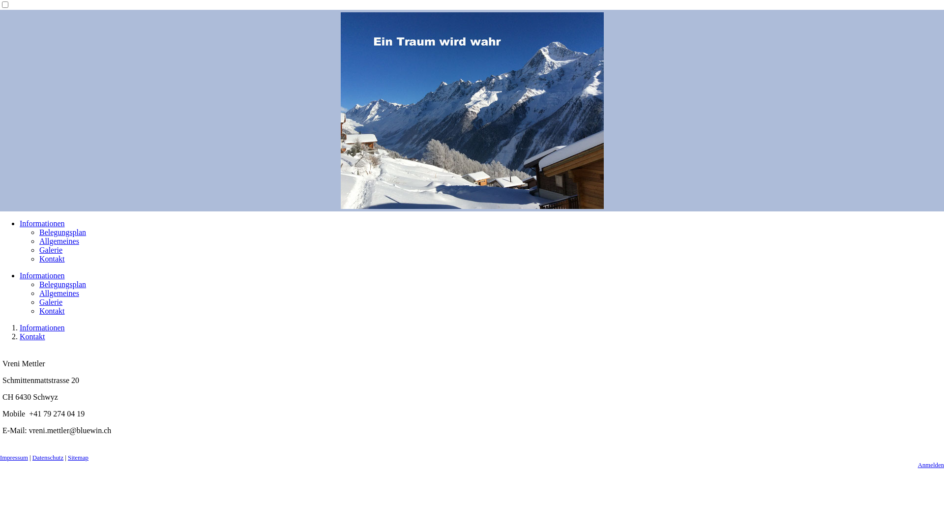 The width and height of the screenshot is (944, 531). Describe the element at coordinates (42, 223) in the screenshot. I see `'Informationen'` at that location.